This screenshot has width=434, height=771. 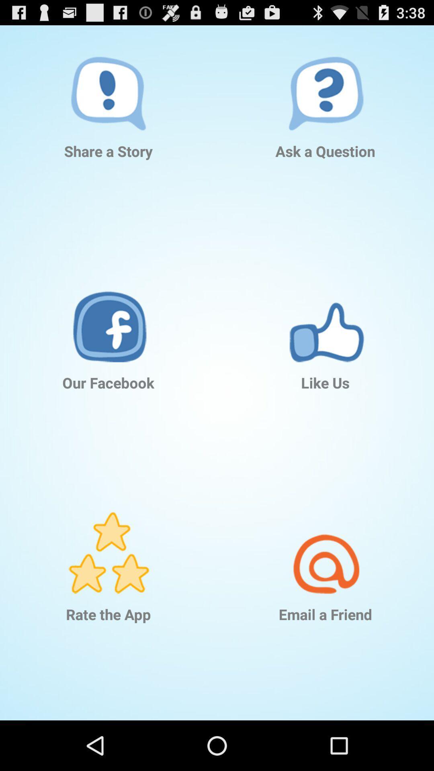 What do you see at coordinates (108, 309) in the screenshot?
I see `the icon above our facebook icon` at bounding box center [108, 309].